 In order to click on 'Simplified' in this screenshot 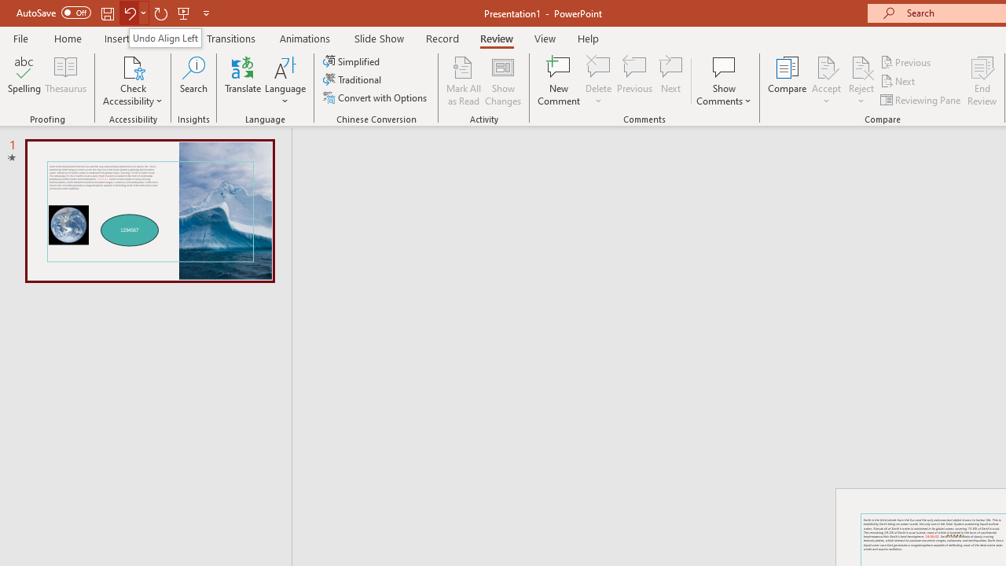, I will do `click(352, 61)`.